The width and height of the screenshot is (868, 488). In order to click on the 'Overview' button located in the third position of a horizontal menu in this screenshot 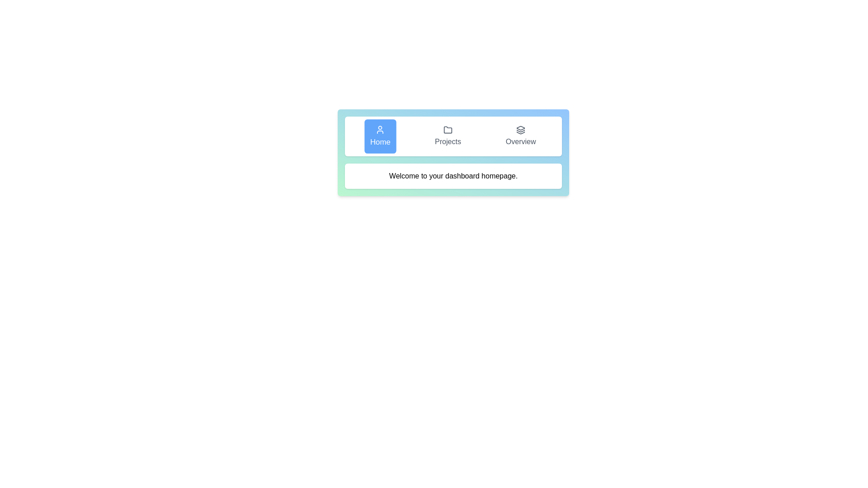, I will do `click(521, 136)`.